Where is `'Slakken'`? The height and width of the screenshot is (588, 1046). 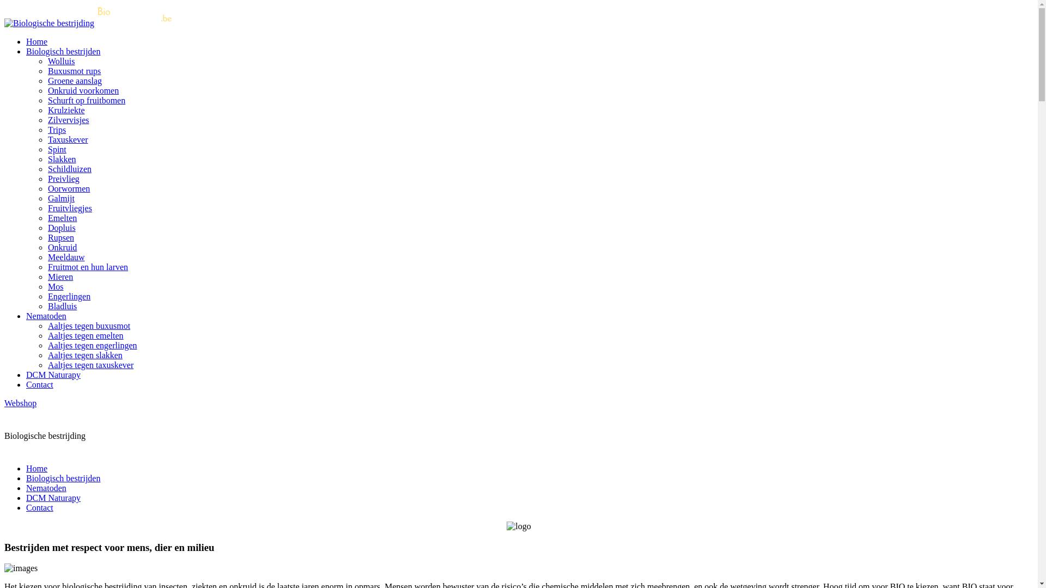 'Slakken' is located at coordinates (62, 159).